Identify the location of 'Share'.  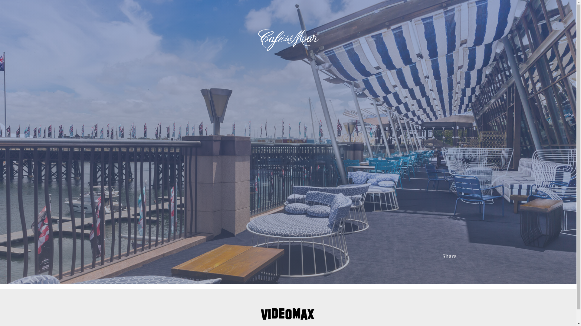
(449, 256).